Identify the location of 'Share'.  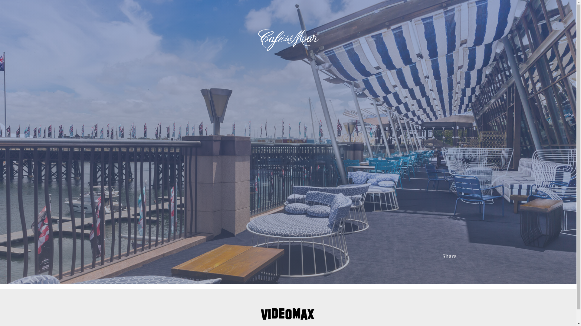
(449, 256).